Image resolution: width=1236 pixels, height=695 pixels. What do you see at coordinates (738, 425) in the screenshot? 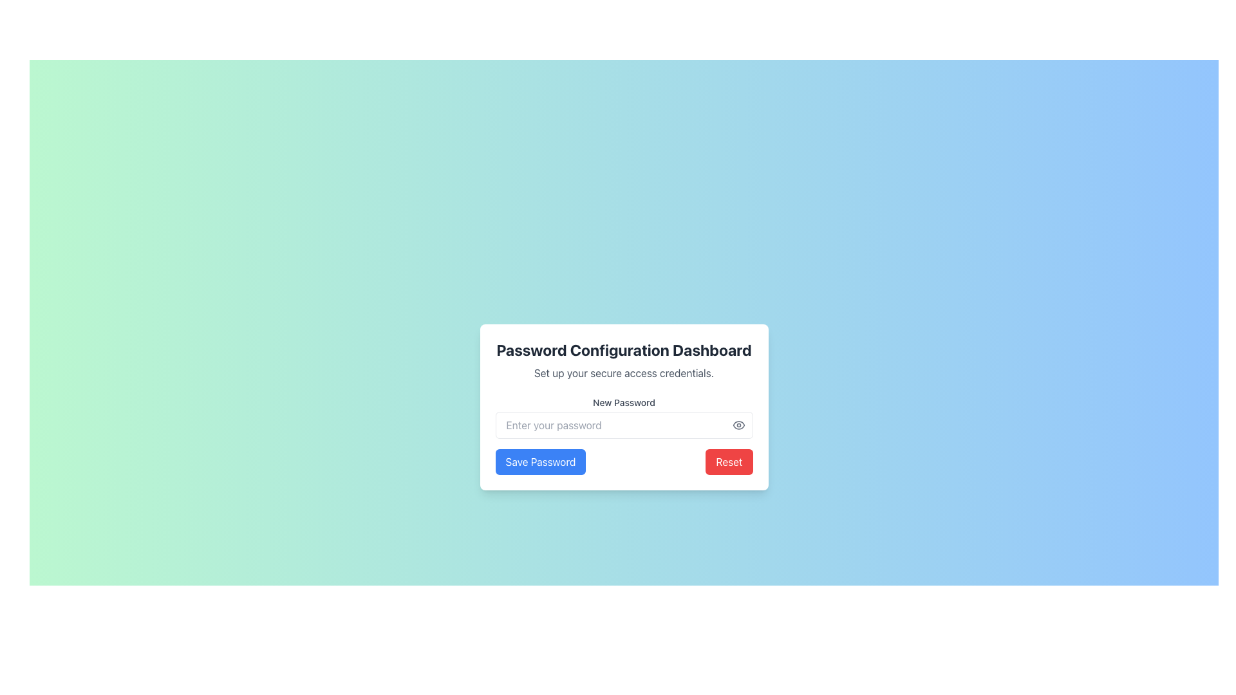
I see `the elliptical shape outlining the structure of an eye icon, which represents visibility functionality, located on the right side of the password input field in the password configuration dialog box` at bounding box center [738, 425].